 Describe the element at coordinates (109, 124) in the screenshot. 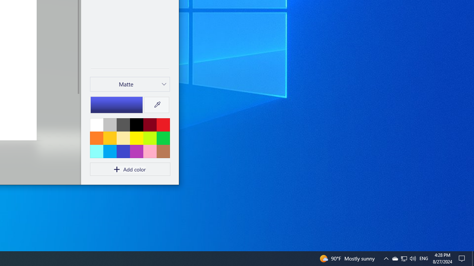

I see `'Light grey'` at that location.